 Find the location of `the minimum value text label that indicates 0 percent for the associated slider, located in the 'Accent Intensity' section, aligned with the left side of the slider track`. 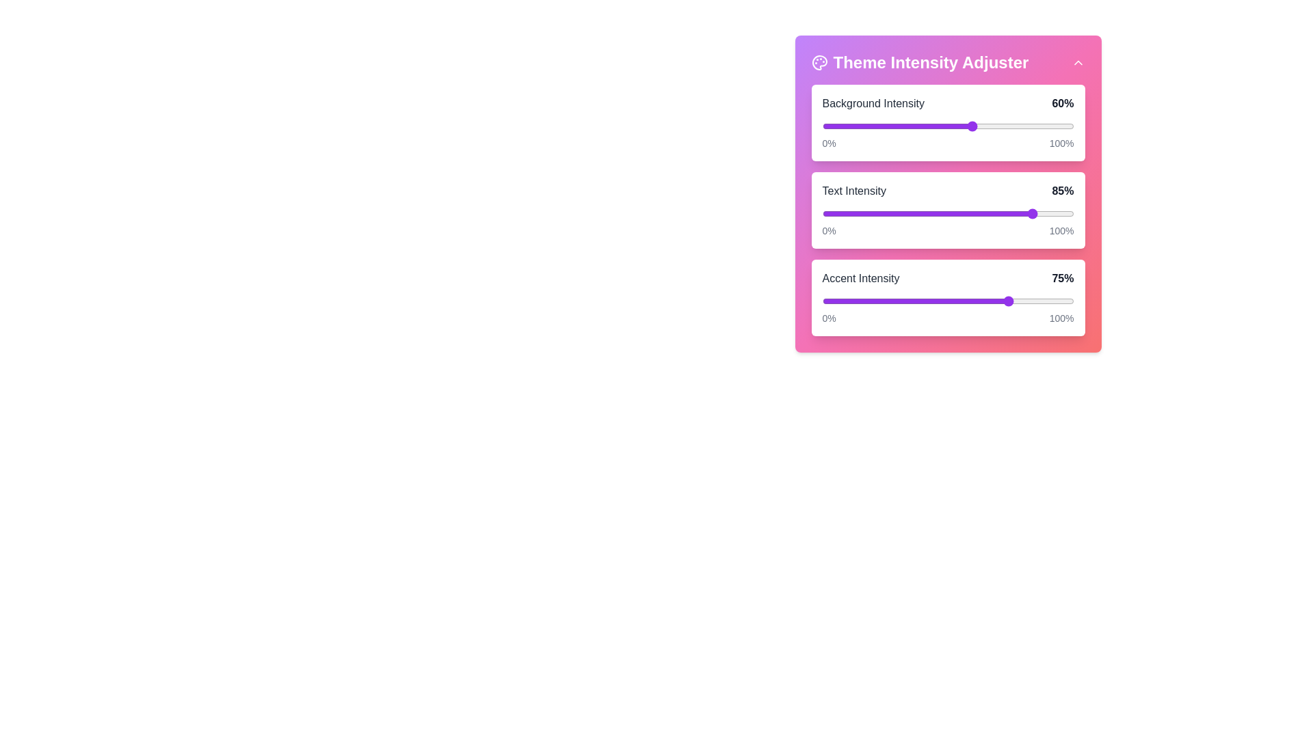

the minimum value text label that indicates 0 percent for the associated slider, located in the 'Accent Intensity' section, aligned with the left side of the slider track is located at coordinates (828, 318).